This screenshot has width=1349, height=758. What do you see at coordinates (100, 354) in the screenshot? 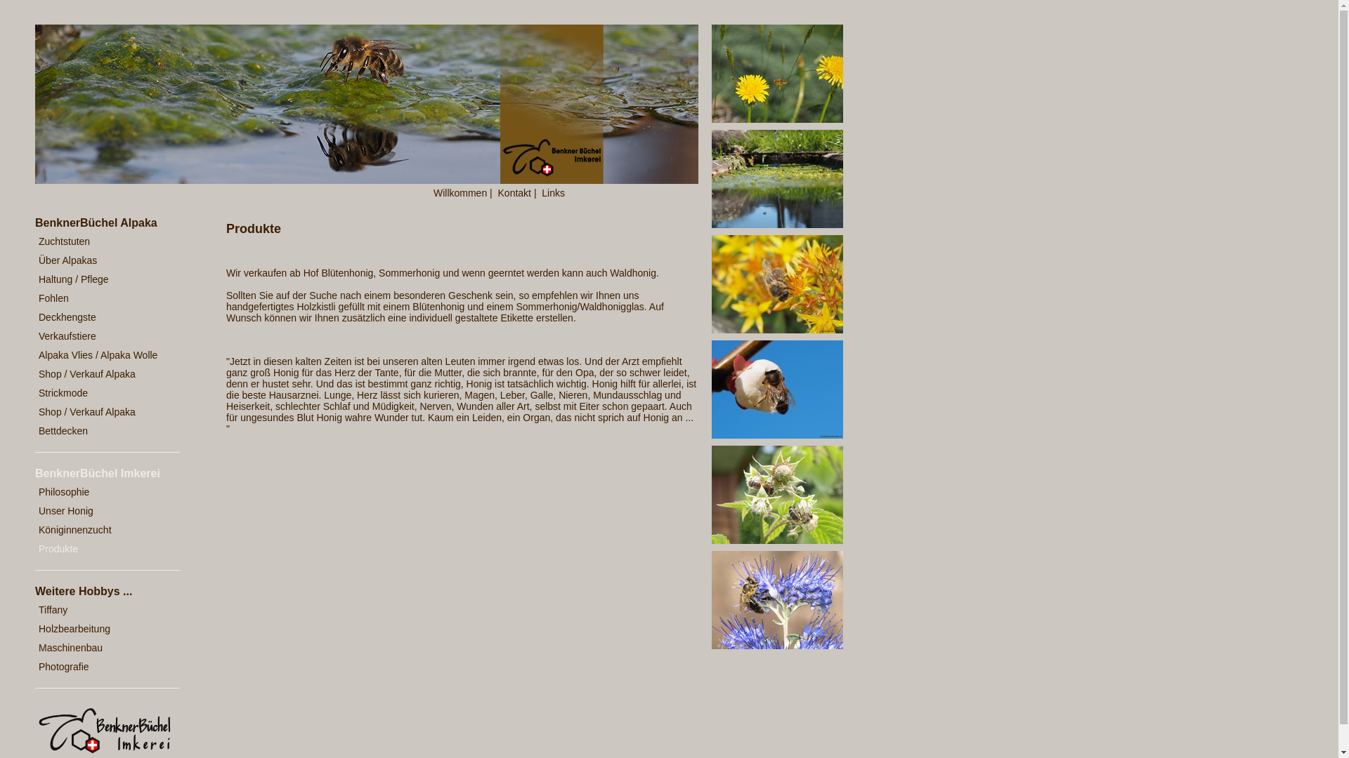
I see `'Alpaka Vlies / Alpaka Wolle'` at bounding box center [100, 354].